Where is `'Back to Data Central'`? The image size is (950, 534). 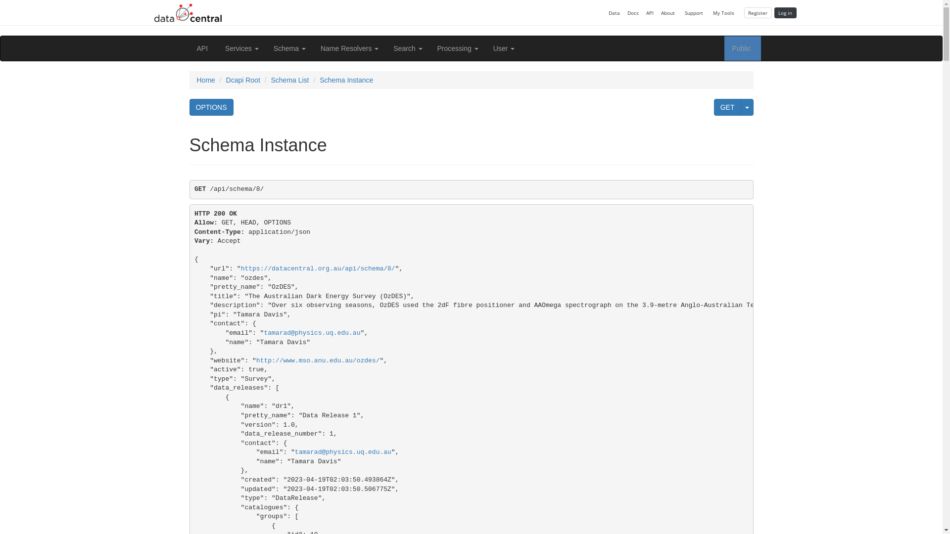
'Back to Data Central' is located at coordinates (188, 13).